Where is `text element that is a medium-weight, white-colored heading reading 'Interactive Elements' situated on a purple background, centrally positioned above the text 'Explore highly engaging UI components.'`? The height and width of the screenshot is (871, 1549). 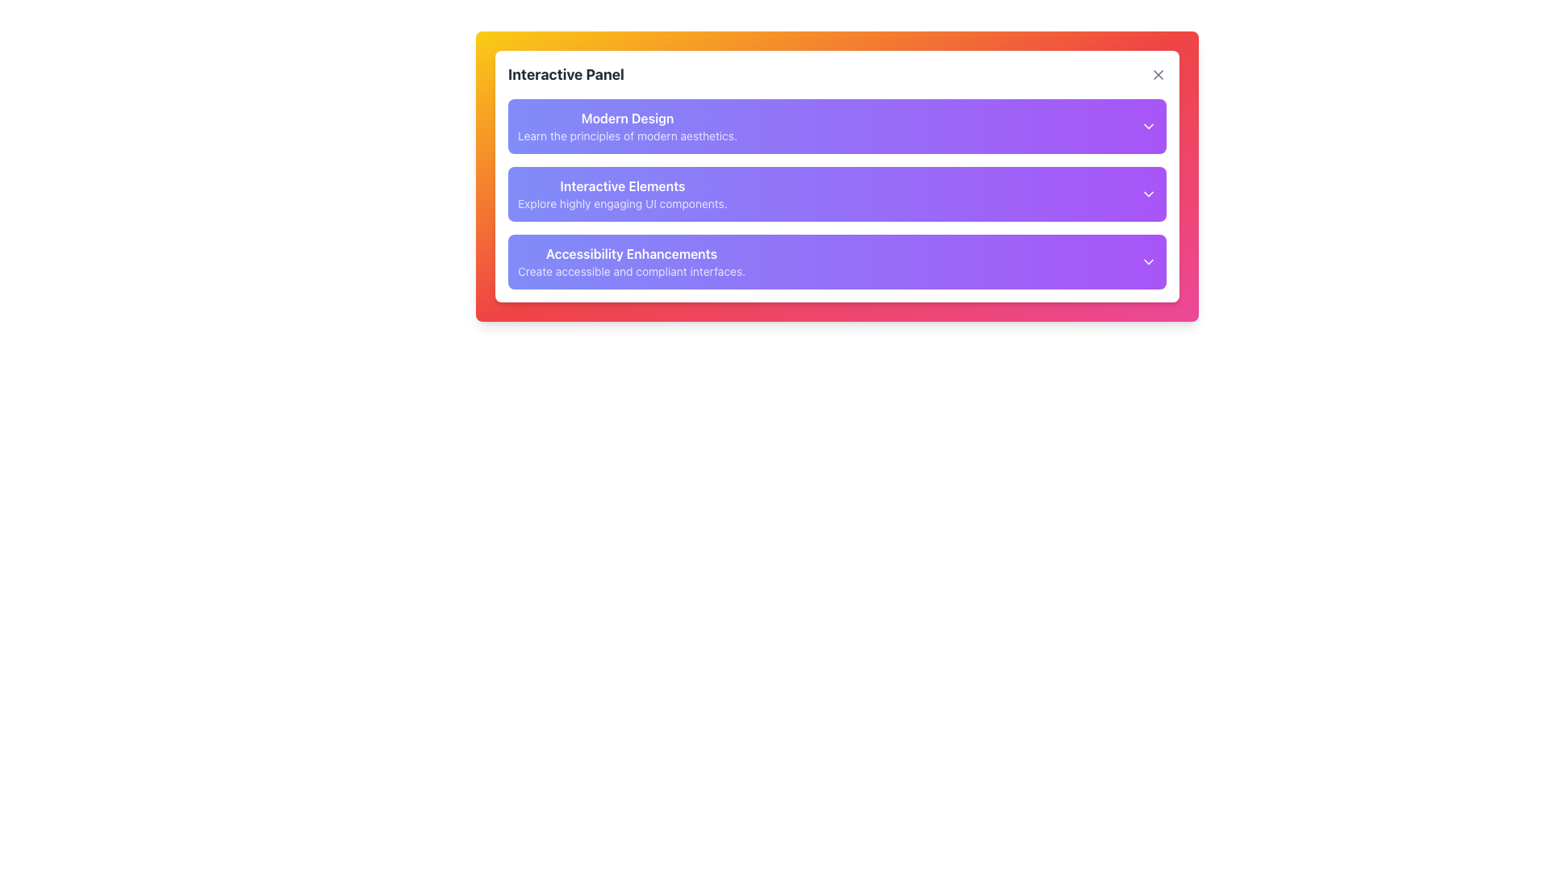 text element that is a medium-weight, white-colored heading reading 'Interactive Elements' situated on a purple background, centrally positioned above the text 'Explore highly engaging UI components.' is located at coordinates (622, 185).